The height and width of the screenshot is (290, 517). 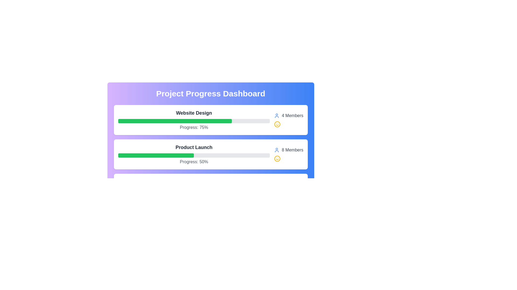 What do you see at coordinates (194, 154) in the screenshot?
I see `the progress bar labeled 'Product Launch' showing 'Progress: 50%' to indicate its current status in the second card of the vertical stack` at bounding box center [194, 154].